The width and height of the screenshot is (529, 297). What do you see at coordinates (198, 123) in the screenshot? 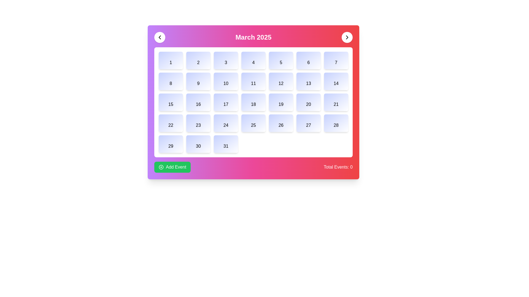
I see `the calendar date cell displaying '23'` at bounding box center [198, 123].